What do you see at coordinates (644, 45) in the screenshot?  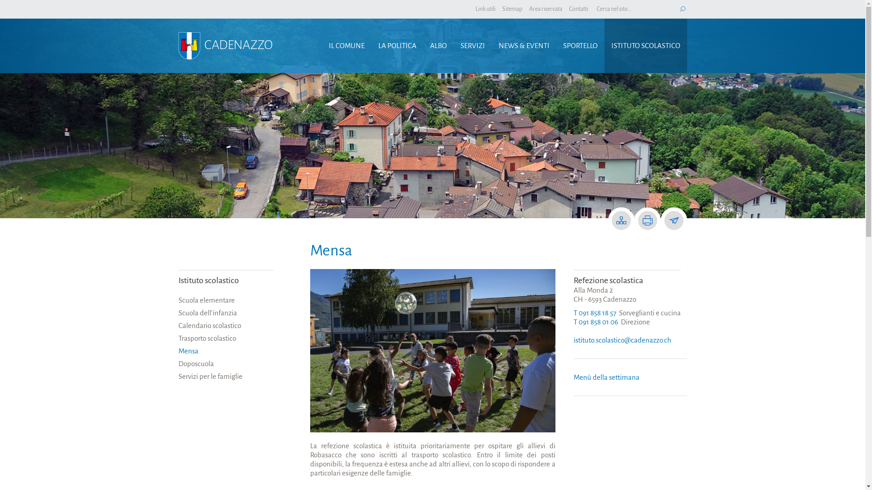 I see `'ISTITUTO SCOLASTICO'` at bounding box center [644, 45].